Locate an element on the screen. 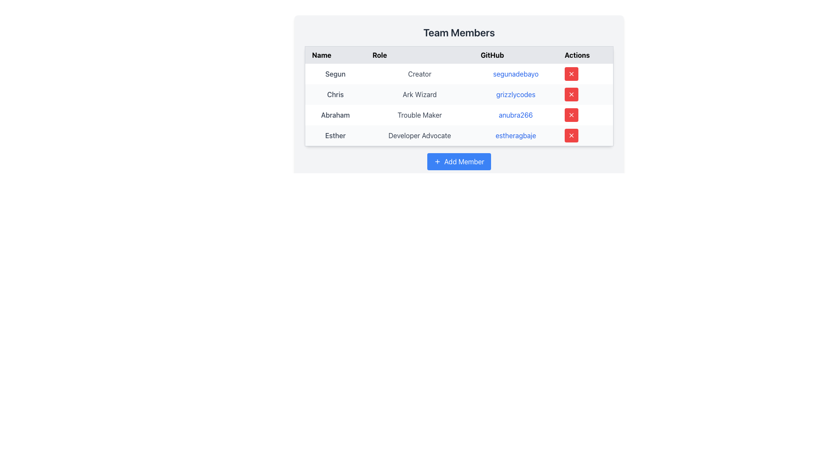 The image size is (822, 462). the GitHub username hyperlink located in the third row of the 'Team Members' table, positioned between the 'Role' and 'Actions' columns is located at coordinates (515, 115).